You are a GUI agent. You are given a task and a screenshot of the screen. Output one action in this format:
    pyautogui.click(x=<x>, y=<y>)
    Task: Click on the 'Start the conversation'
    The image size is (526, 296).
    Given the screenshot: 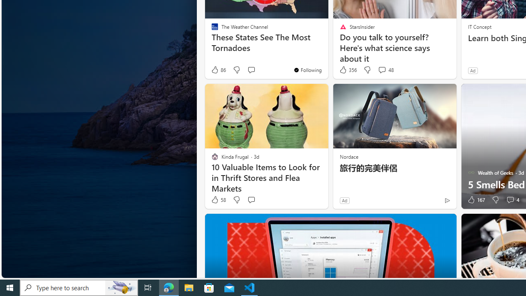 What is the action you would take?
    pyautogui.click(x=251, y=200)
    